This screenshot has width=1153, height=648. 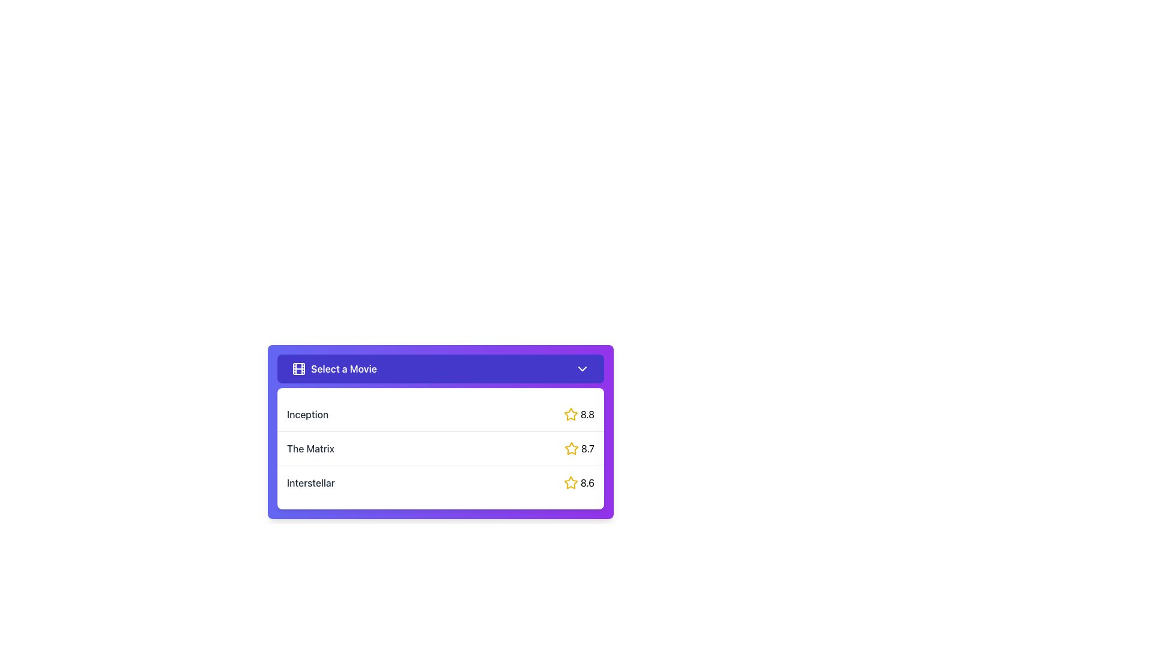 I want to click on the numerical text '8.6' with the yellow star icon, so click(x=579, y=482).